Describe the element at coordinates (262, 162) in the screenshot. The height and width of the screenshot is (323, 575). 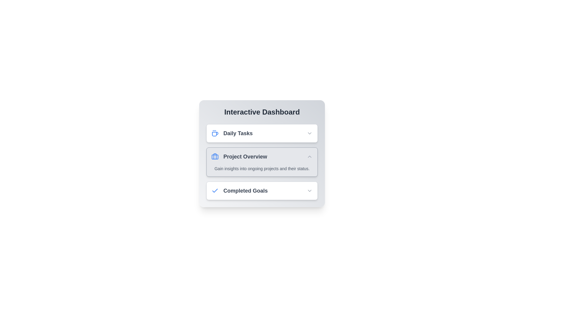
I see `the specified section of the dashboard: Project Overview` at that location.